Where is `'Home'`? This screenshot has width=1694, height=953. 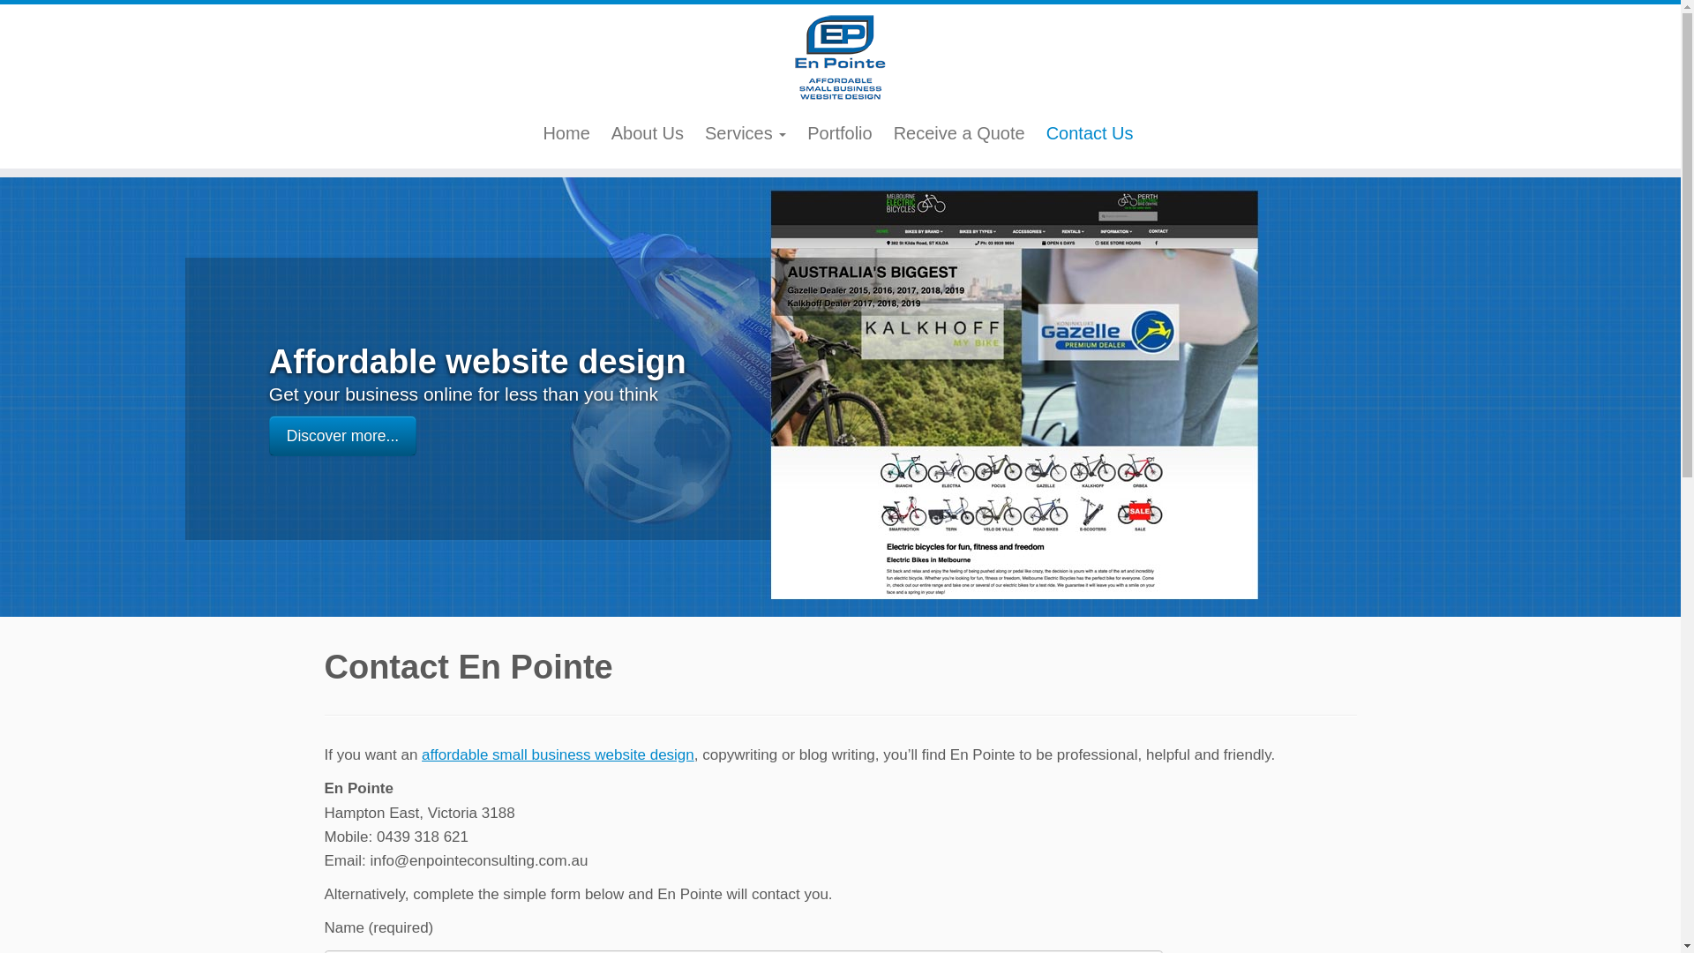 'Home' is located at coordinates (531, 131).